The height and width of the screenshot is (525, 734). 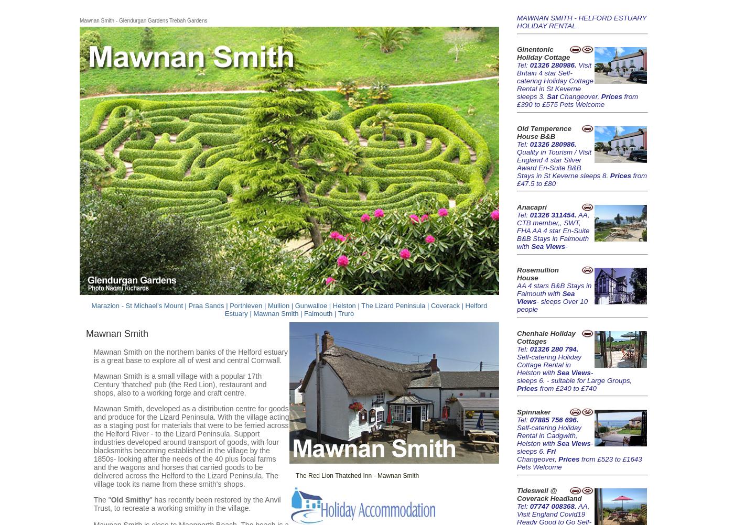 I want to click on 'Fri', so click(x=551, y=451).